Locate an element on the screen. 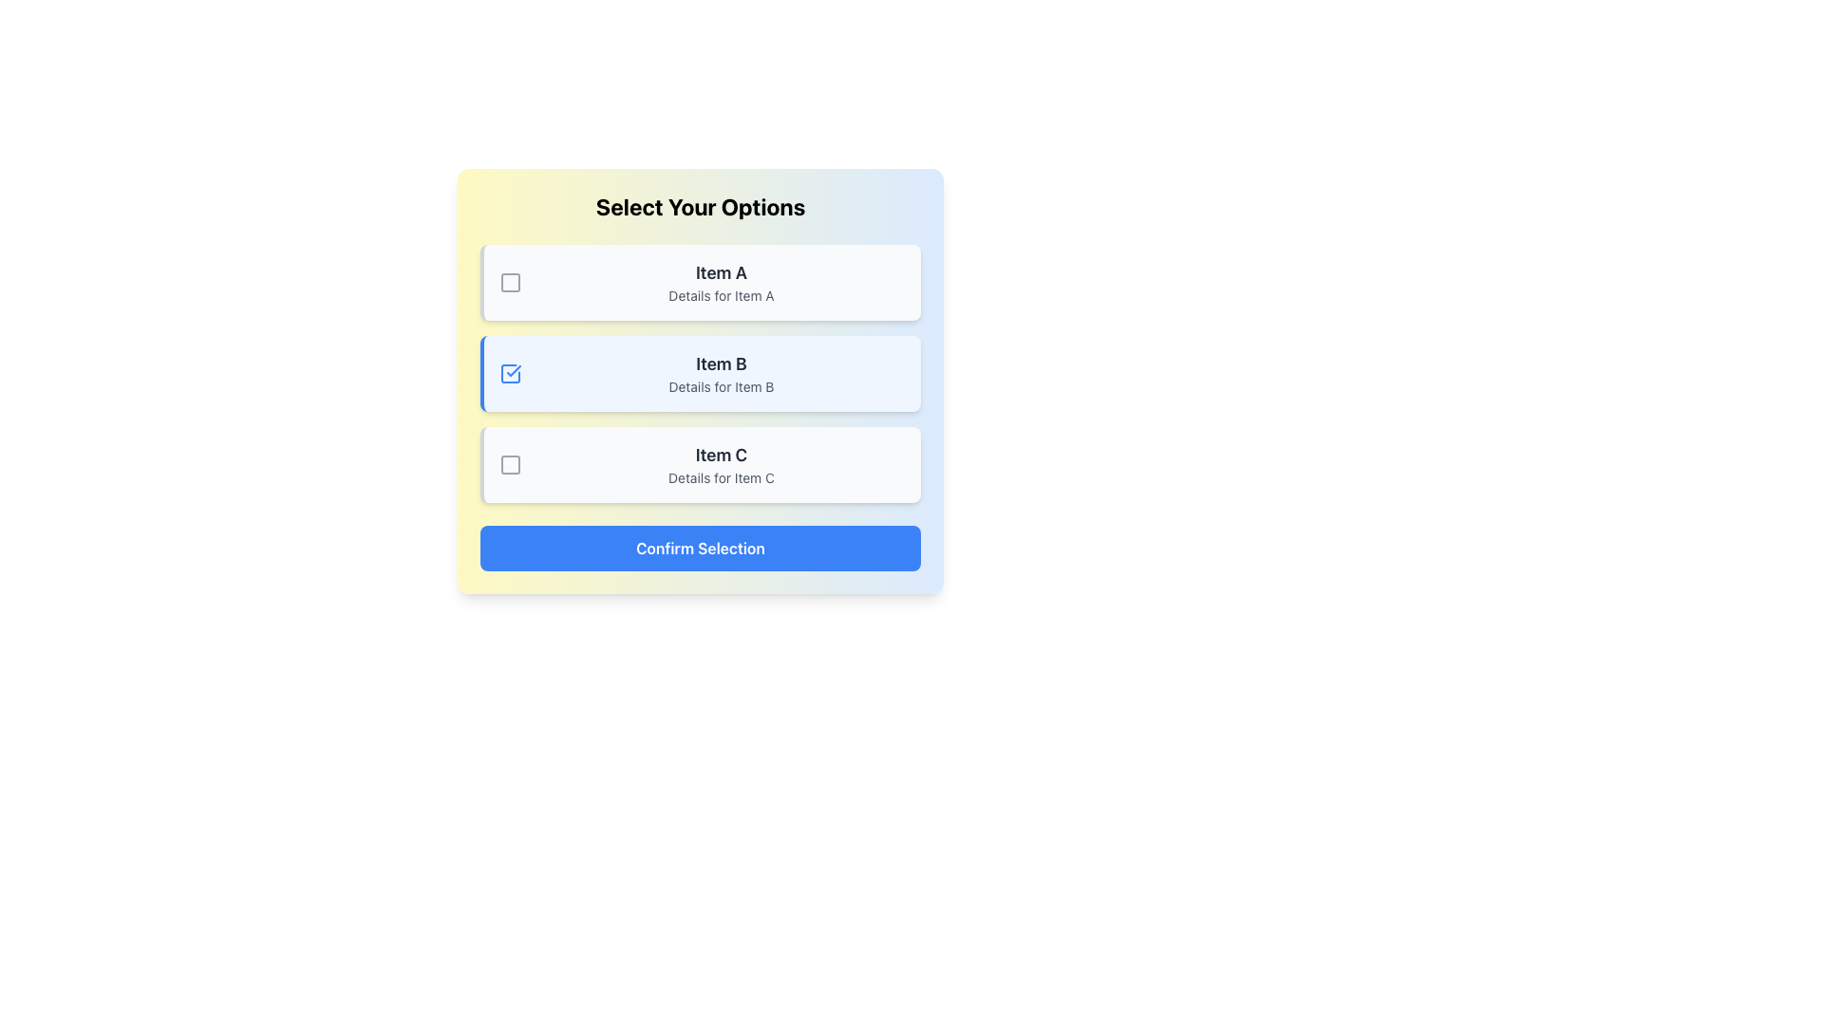 This screenshot has height=1025, width=1823. the text display containing 'Item A' and 'Details for Item A' which is located within the first option of a vertically stacked list under 'Select Your Options' is located at coordinates (720, 282).